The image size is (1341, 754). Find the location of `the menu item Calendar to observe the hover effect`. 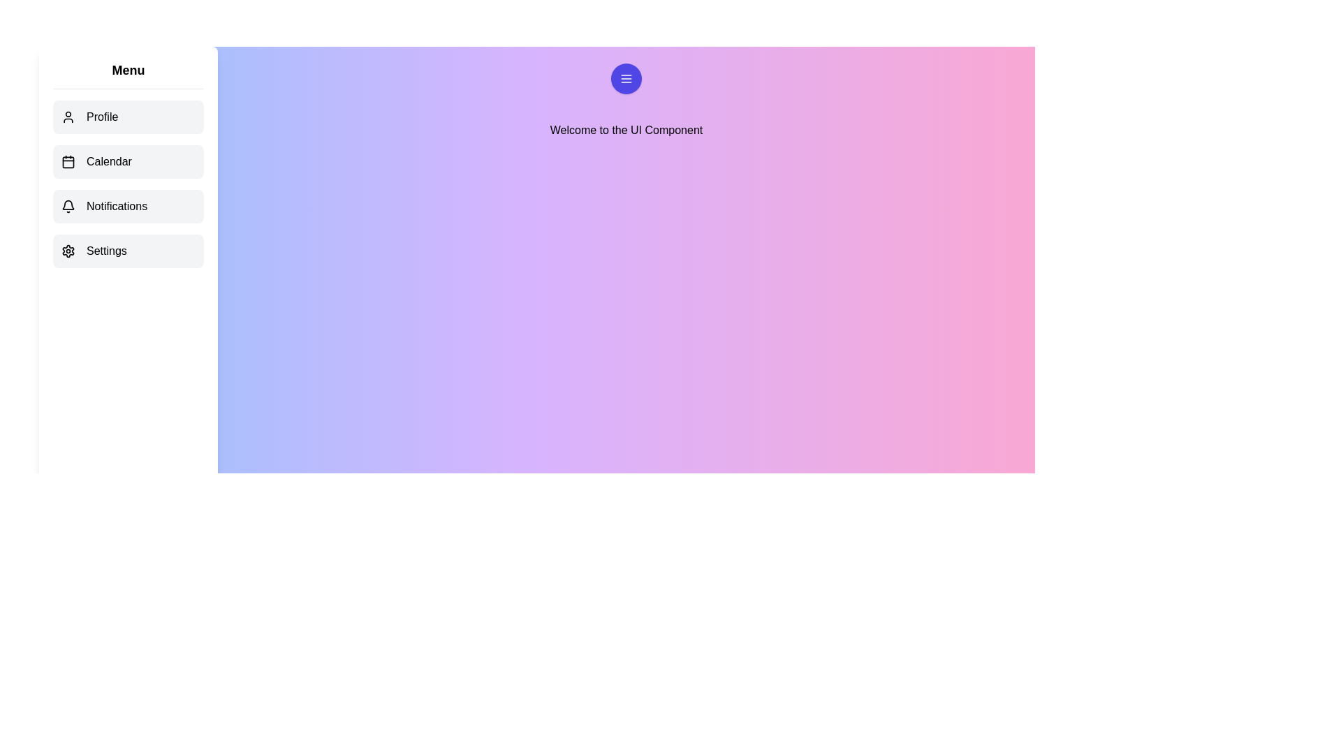

the menu item Calendar to observe the hover effect is located at coordinates (128, 161).